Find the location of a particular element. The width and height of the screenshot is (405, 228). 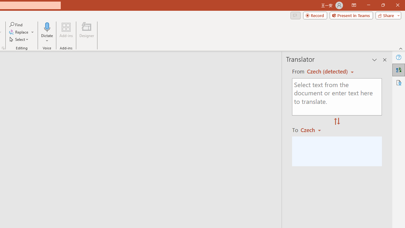

'Czech (detected)' is located at coordinates (328, 71).